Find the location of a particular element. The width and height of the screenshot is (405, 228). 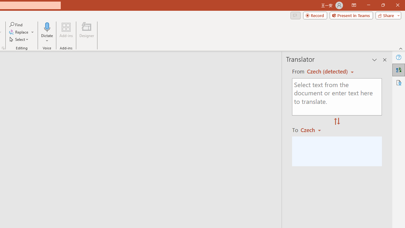

'Czech (detected)' is located at coordinates (328, 71).